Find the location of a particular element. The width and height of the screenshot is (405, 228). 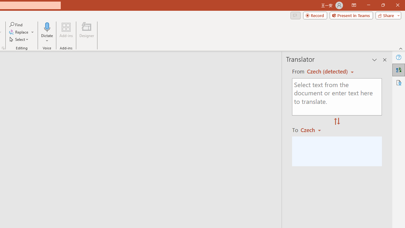

'Czech (detected)' is located at coordinates (328, 71).